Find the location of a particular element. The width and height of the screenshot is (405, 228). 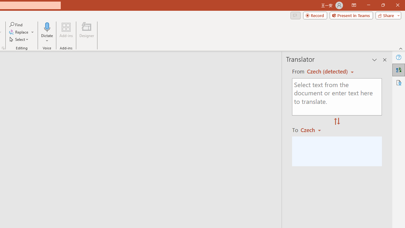

'Czech (detected)' is located at coordinates (328, 71).